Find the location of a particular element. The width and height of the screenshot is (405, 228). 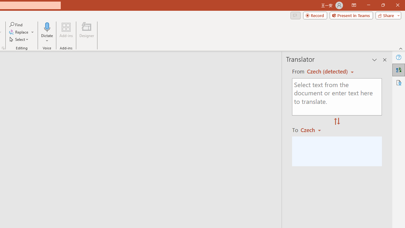

'Czech (detected)' is located at coordinates (328, 71).